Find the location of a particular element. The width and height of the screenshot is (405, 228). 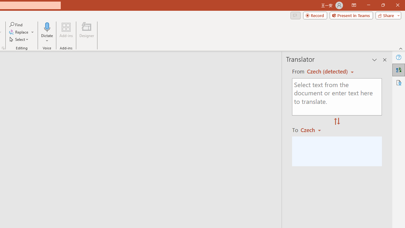

'Czech (detected)' is located at coordinates (328, 71).